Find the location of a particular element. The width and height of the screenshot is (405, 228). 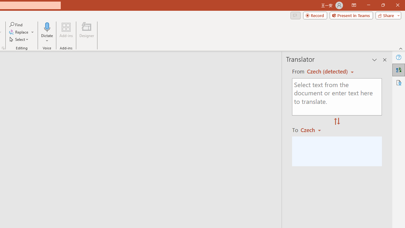

'Czech (detected)' is located at coordinates (328, 71).